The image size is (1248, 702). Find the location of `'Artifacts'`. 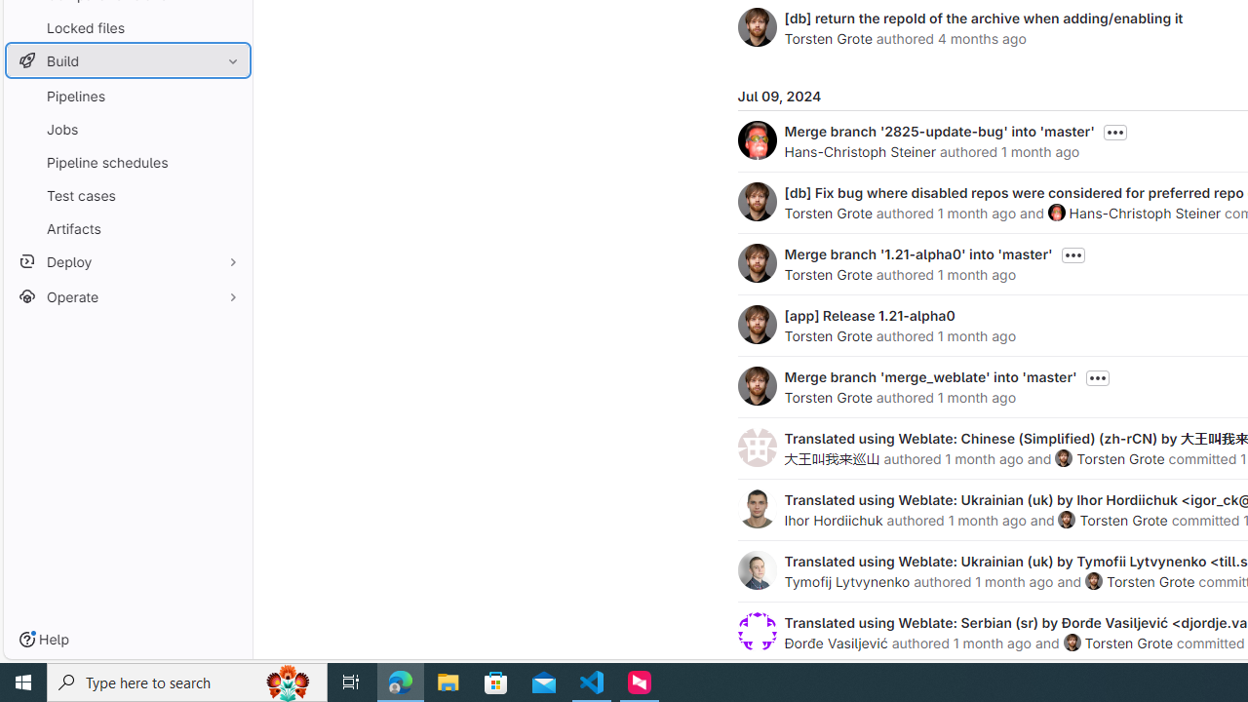

'Artifacts' is located at coordinates (127, 227).